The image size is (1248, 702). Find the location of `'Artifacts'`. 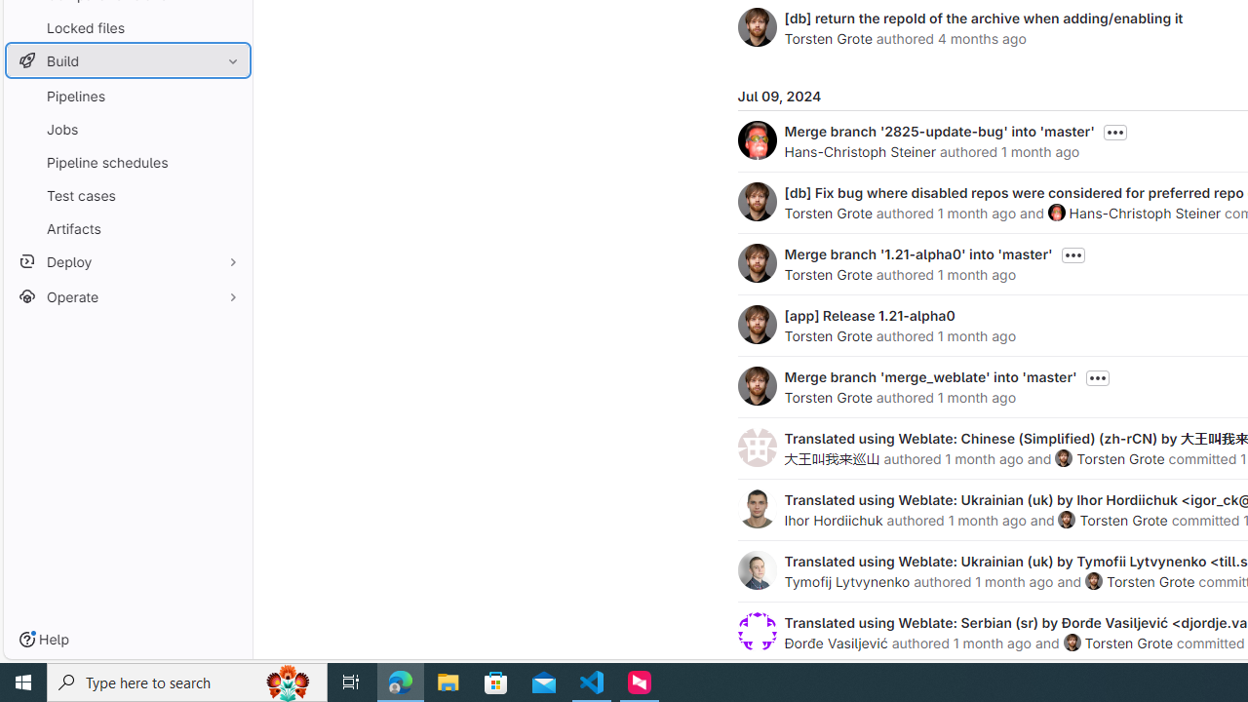

'Artifacts' is located at coordinates (127, 227).